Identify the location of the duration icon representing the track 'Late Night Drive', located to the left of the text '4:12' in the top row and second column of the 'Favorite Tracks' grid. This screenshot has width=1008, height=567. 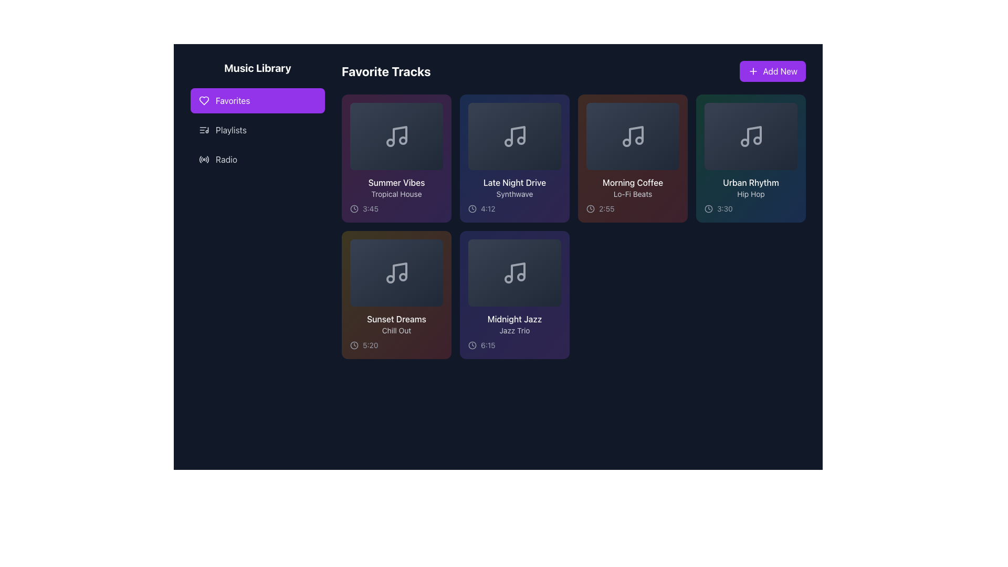
(472, 208).